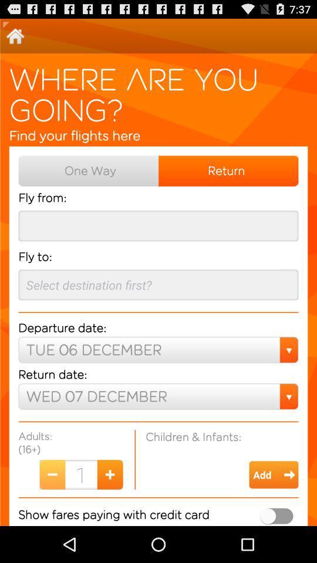 The image size is (317, 563). Describe the element at coordinates (158, 284) in the screenshot. I see `the text field below fly to` at that location.